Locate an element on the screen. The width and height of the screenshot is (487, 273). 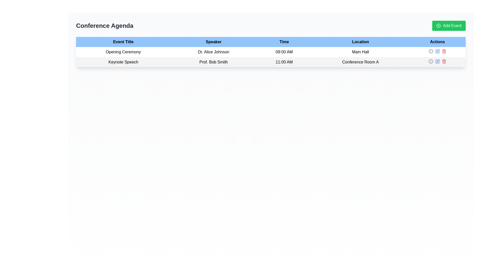
text content from the text field displaying 'Main Hall', which is located in the fourth column under the 'Location' header corresponding to the event 'Opening Ceremony' is located at coordinates (360, 52).